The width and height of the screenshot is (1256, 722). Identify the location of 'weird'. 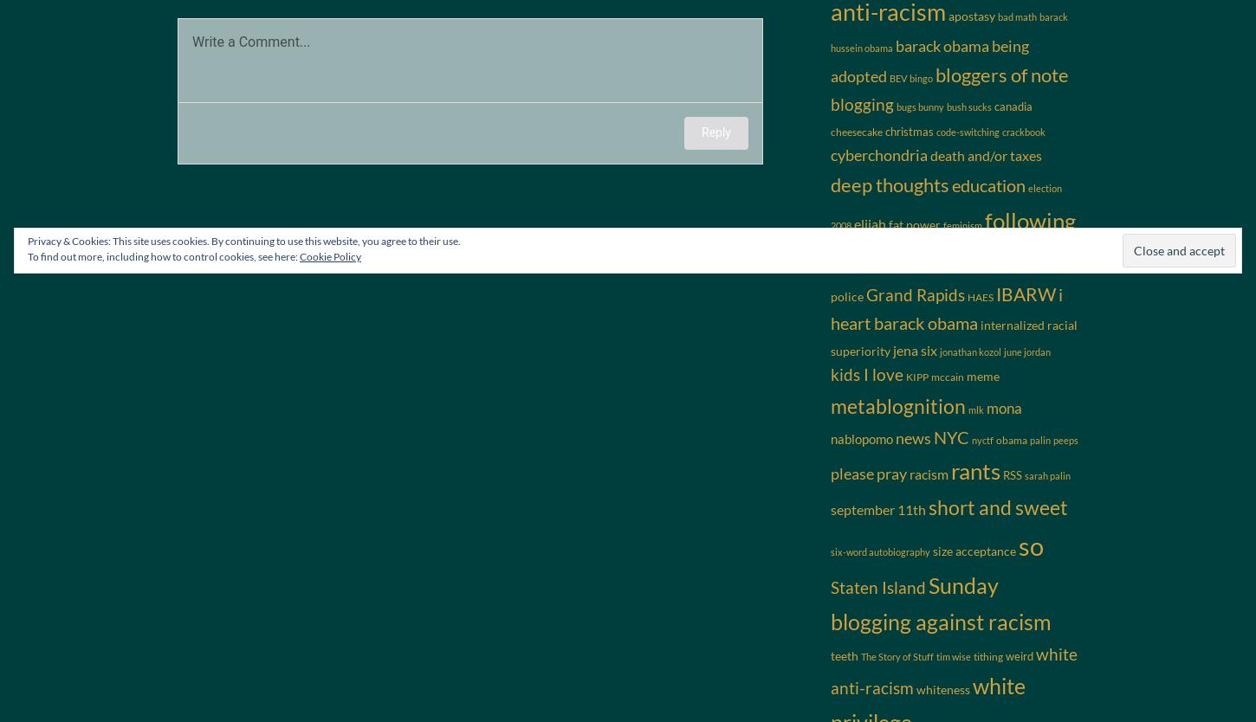
(1018, 655).